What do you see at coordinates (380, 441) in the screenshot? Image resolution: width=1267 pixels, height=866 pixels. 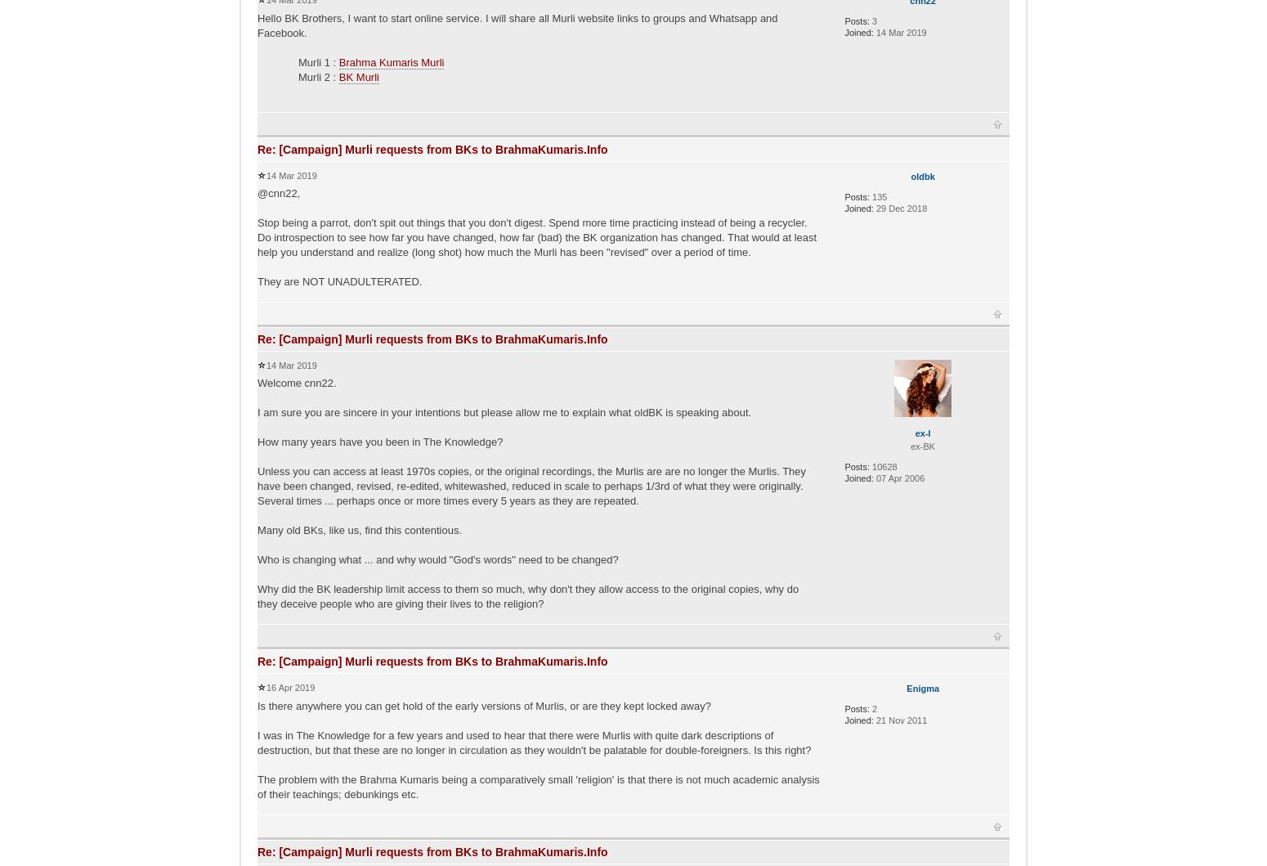 I see `'How many years have you been in The Knowledge?'` at bounding box center [380, 441].